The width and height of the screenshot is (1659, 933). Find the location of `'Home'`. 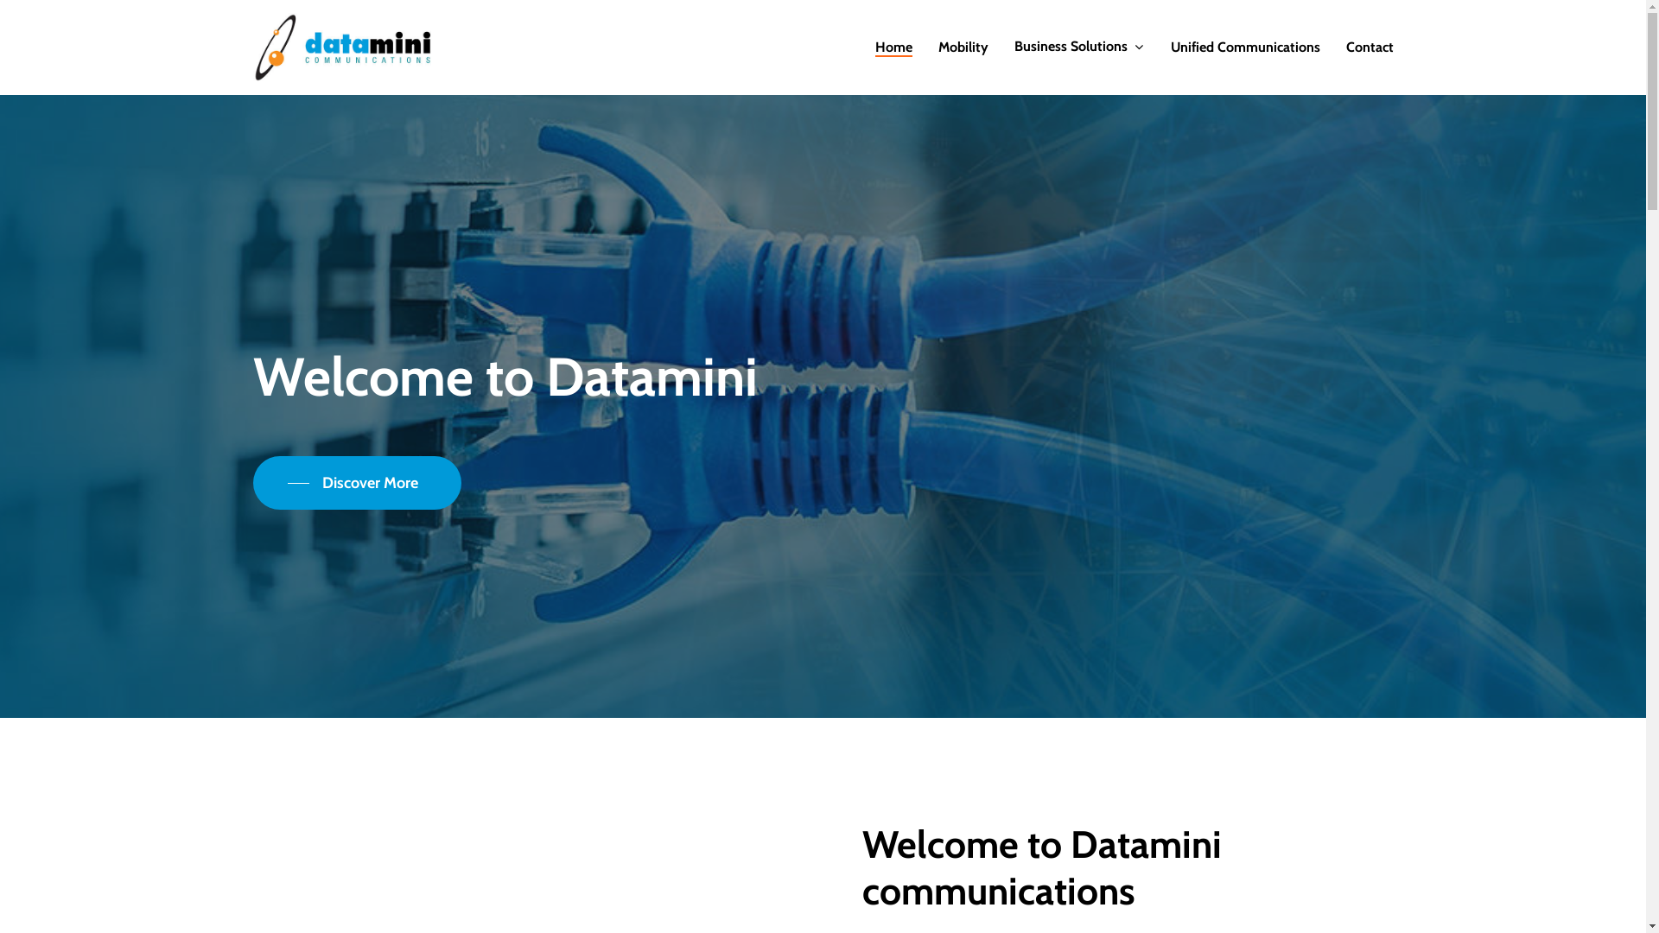

'Home' is located at coordinates (874, 46).